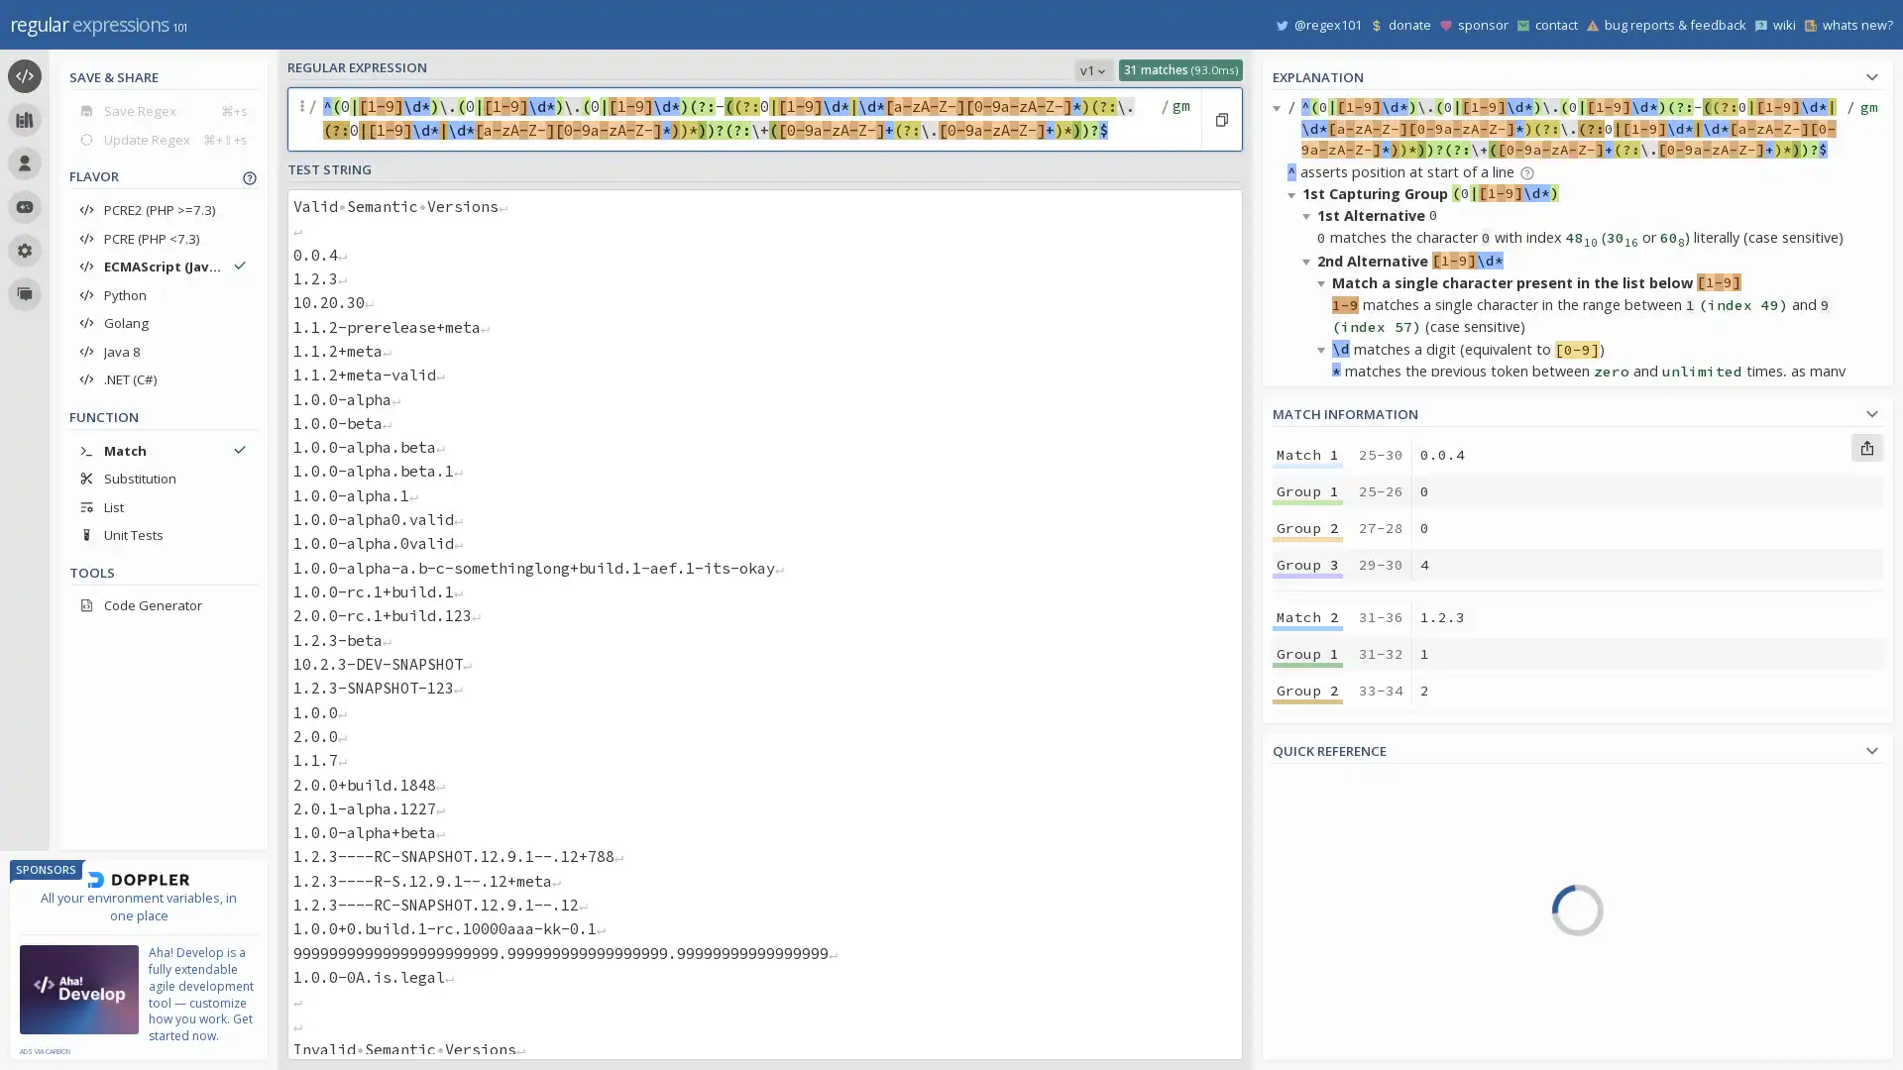  What do you see at coordinates (1324, 841) in the screenshot?
I see `Collapse Subtree` at bounding box center [1324, 841].